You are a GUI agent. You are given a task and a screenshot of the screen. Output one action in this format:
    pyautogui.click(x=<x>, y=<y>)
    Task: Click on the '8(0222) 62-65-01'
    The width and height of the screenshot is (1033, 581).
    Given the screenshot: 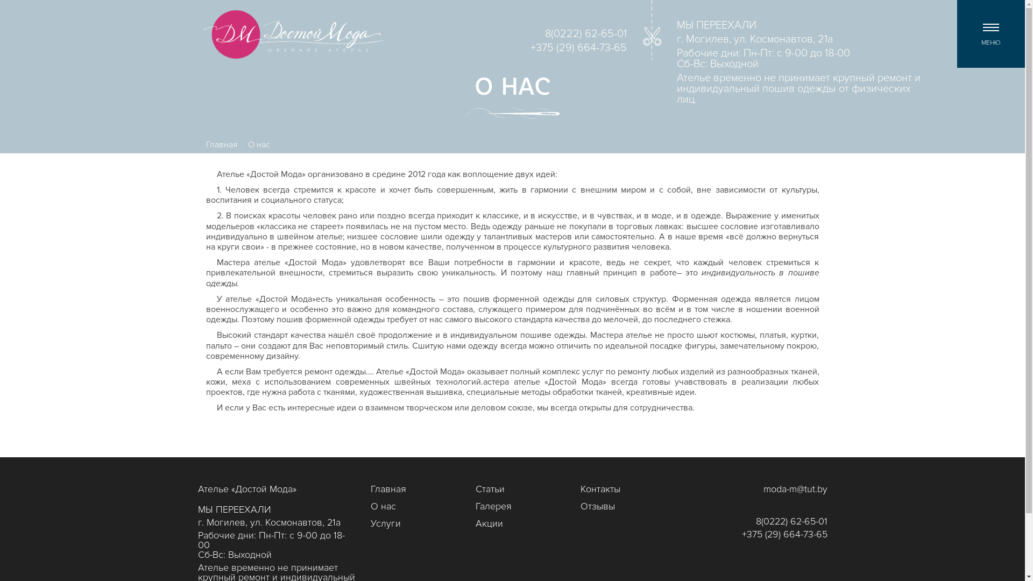 What is the action you would take?
    pyautogui.click(x=585, y=34)
    